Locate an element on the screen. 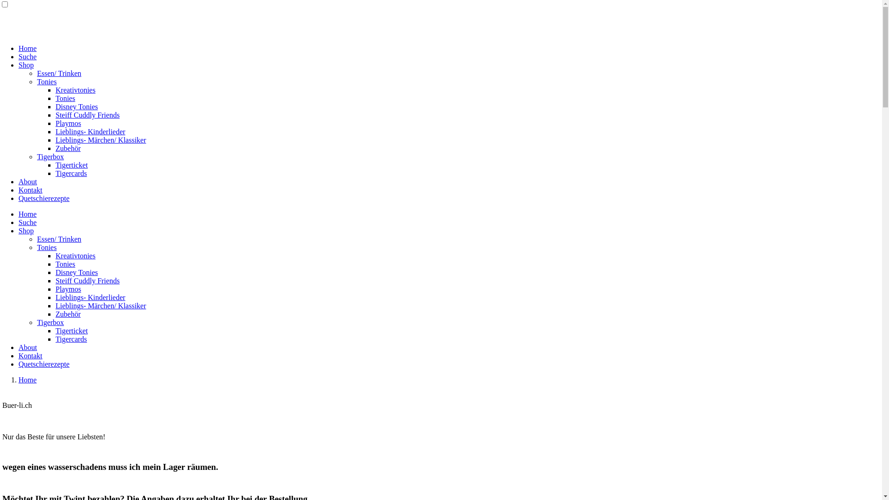 This screenshot has height=500, width=889. 'Quetschierezepte' is located at coordinates (44, 198).